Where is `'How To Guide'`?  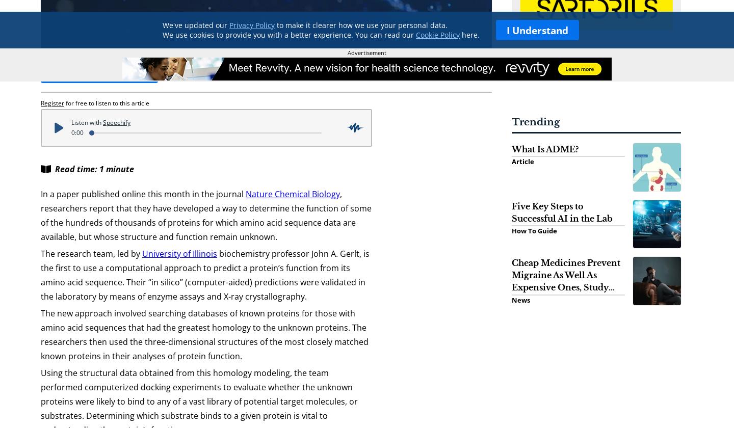
'How To Guide' is located at coordinates (534, 230).